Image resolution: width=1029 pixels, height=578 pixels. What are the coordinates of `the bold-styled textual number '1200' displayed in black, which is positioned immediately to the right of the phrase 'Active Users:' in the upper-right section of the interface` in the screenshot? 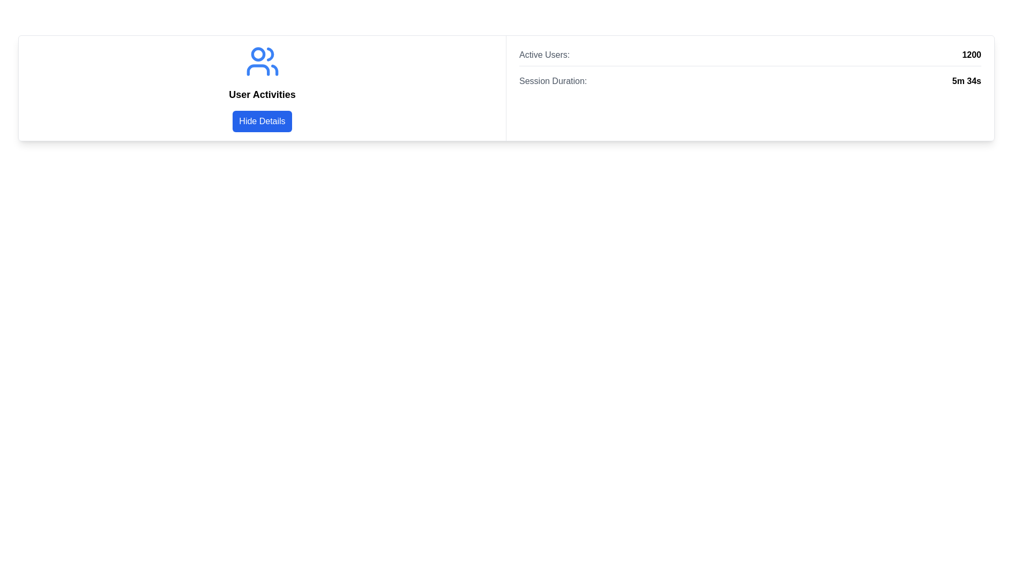 It's located at (972, 55).